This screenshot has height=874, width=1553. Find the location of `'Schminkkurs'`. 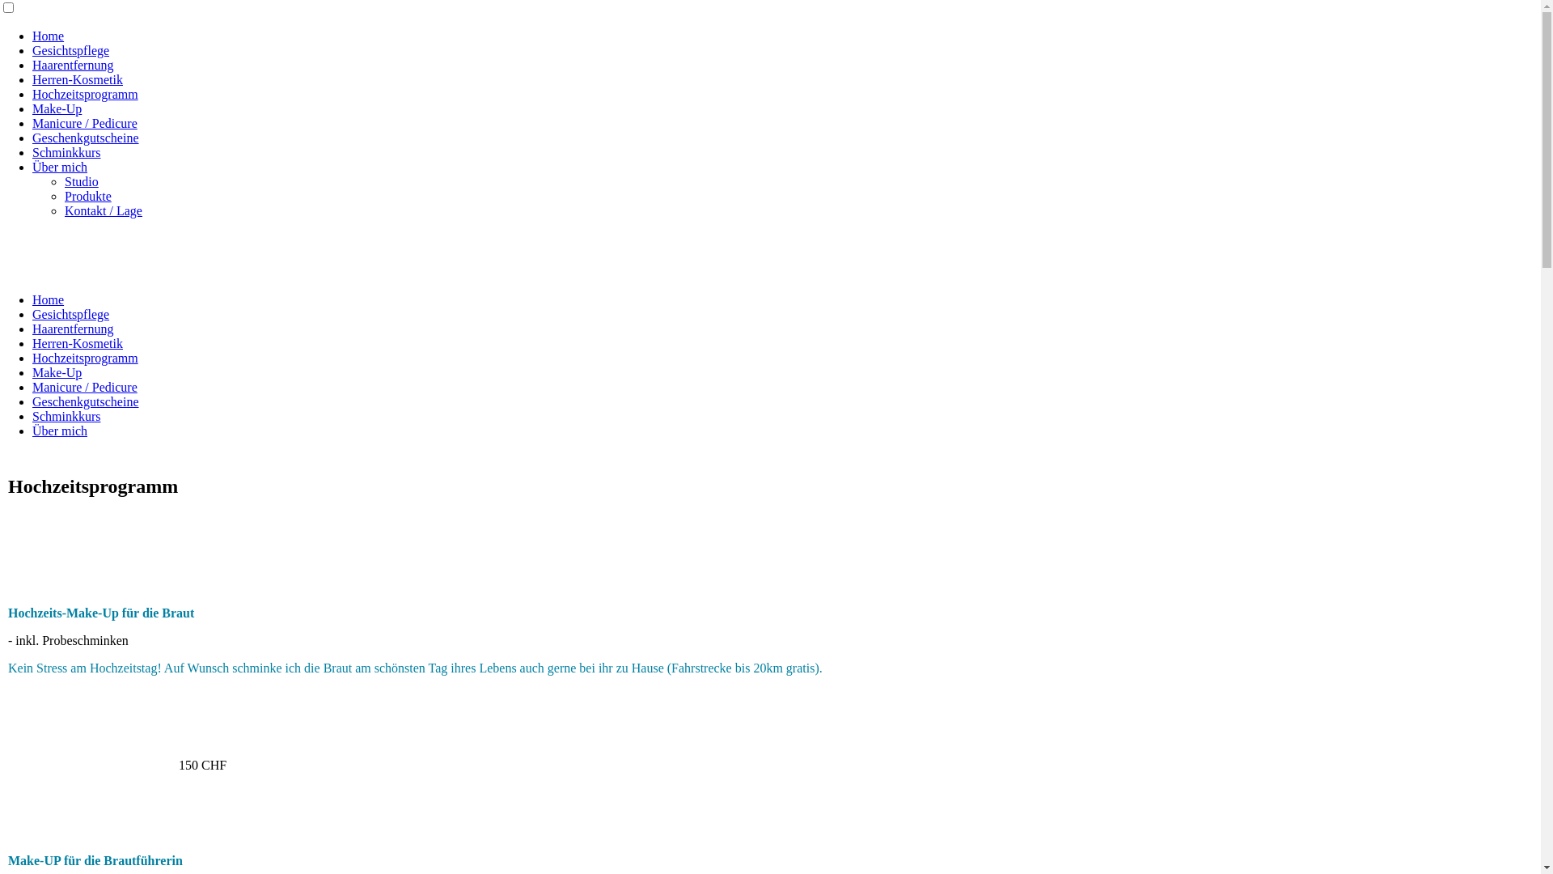

'Schminkkurs' is located at coordinates (32, 152).